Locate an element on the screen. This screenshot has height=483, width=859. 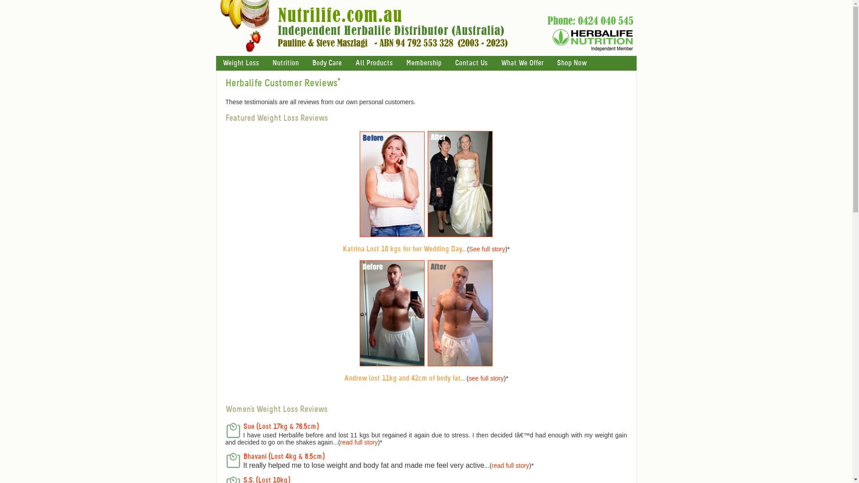
'Nutrition' is located at coordinates (285, 63).